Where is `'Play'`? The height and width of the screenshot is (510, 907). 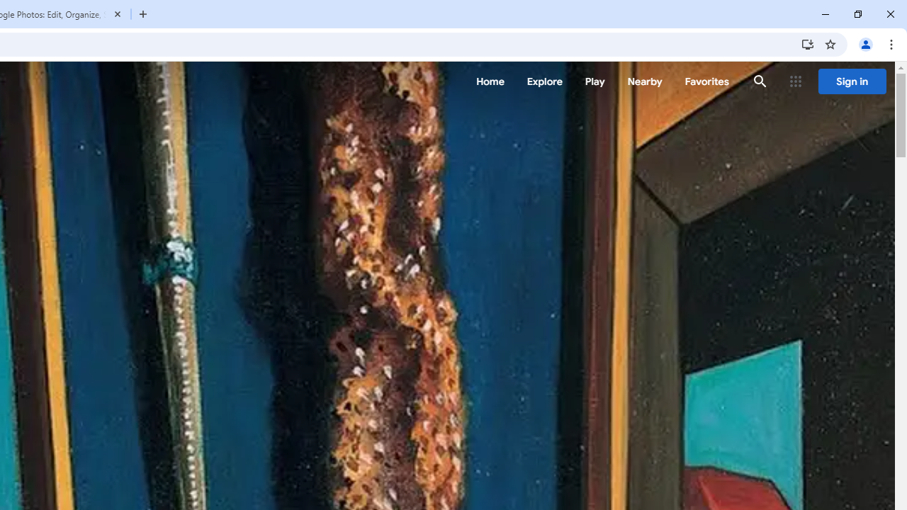 'Play' is located at coordinates (595, 81).